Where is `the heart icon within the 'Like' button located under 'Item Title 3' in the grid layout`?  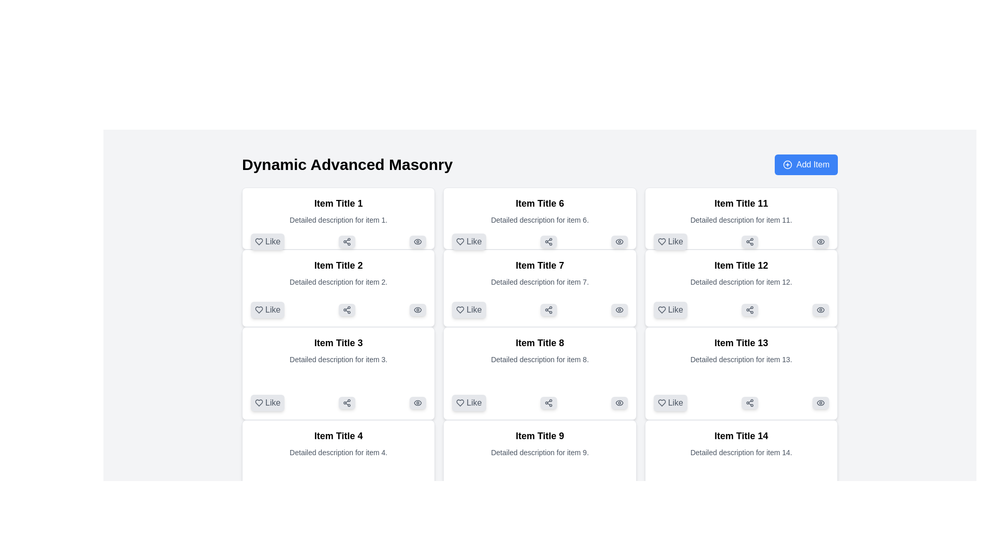 the heart icon within the 'Like' button located under 'Item Title 3' in the grid layout is located at coordinates (259, 402).